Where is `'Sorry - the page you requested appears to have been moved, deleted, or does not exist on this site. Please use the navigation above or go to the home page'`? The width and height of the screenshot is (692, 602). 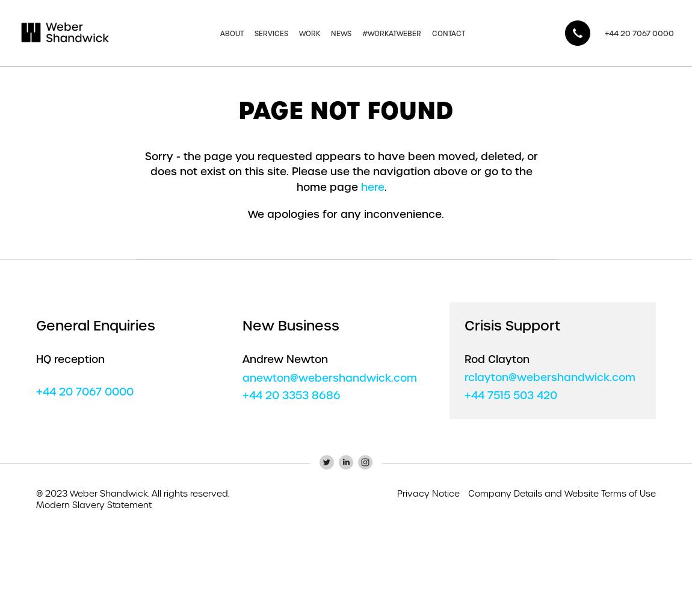 'Sorry - the page you requested appears to have been moved, deleted, or does not exist on this site. Please use the navigation above or go to the home page' is located at coordinates (144, 171).